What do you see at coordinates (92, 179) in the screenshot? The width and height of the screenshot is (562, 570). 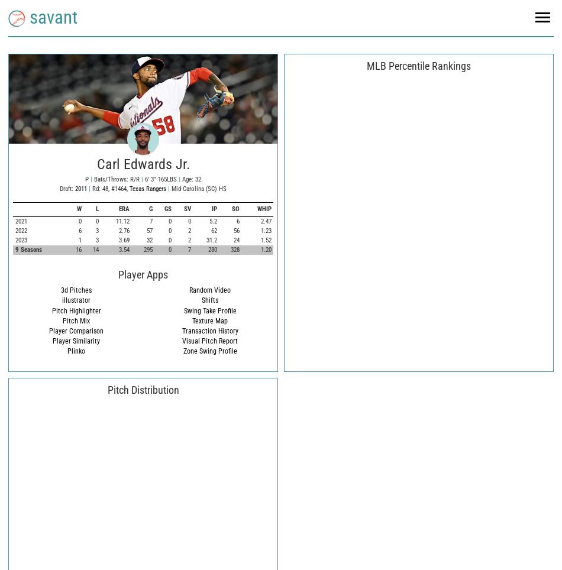 I see `'Bats/Throws:
                            R/R'` at bounding box center [92, 179].